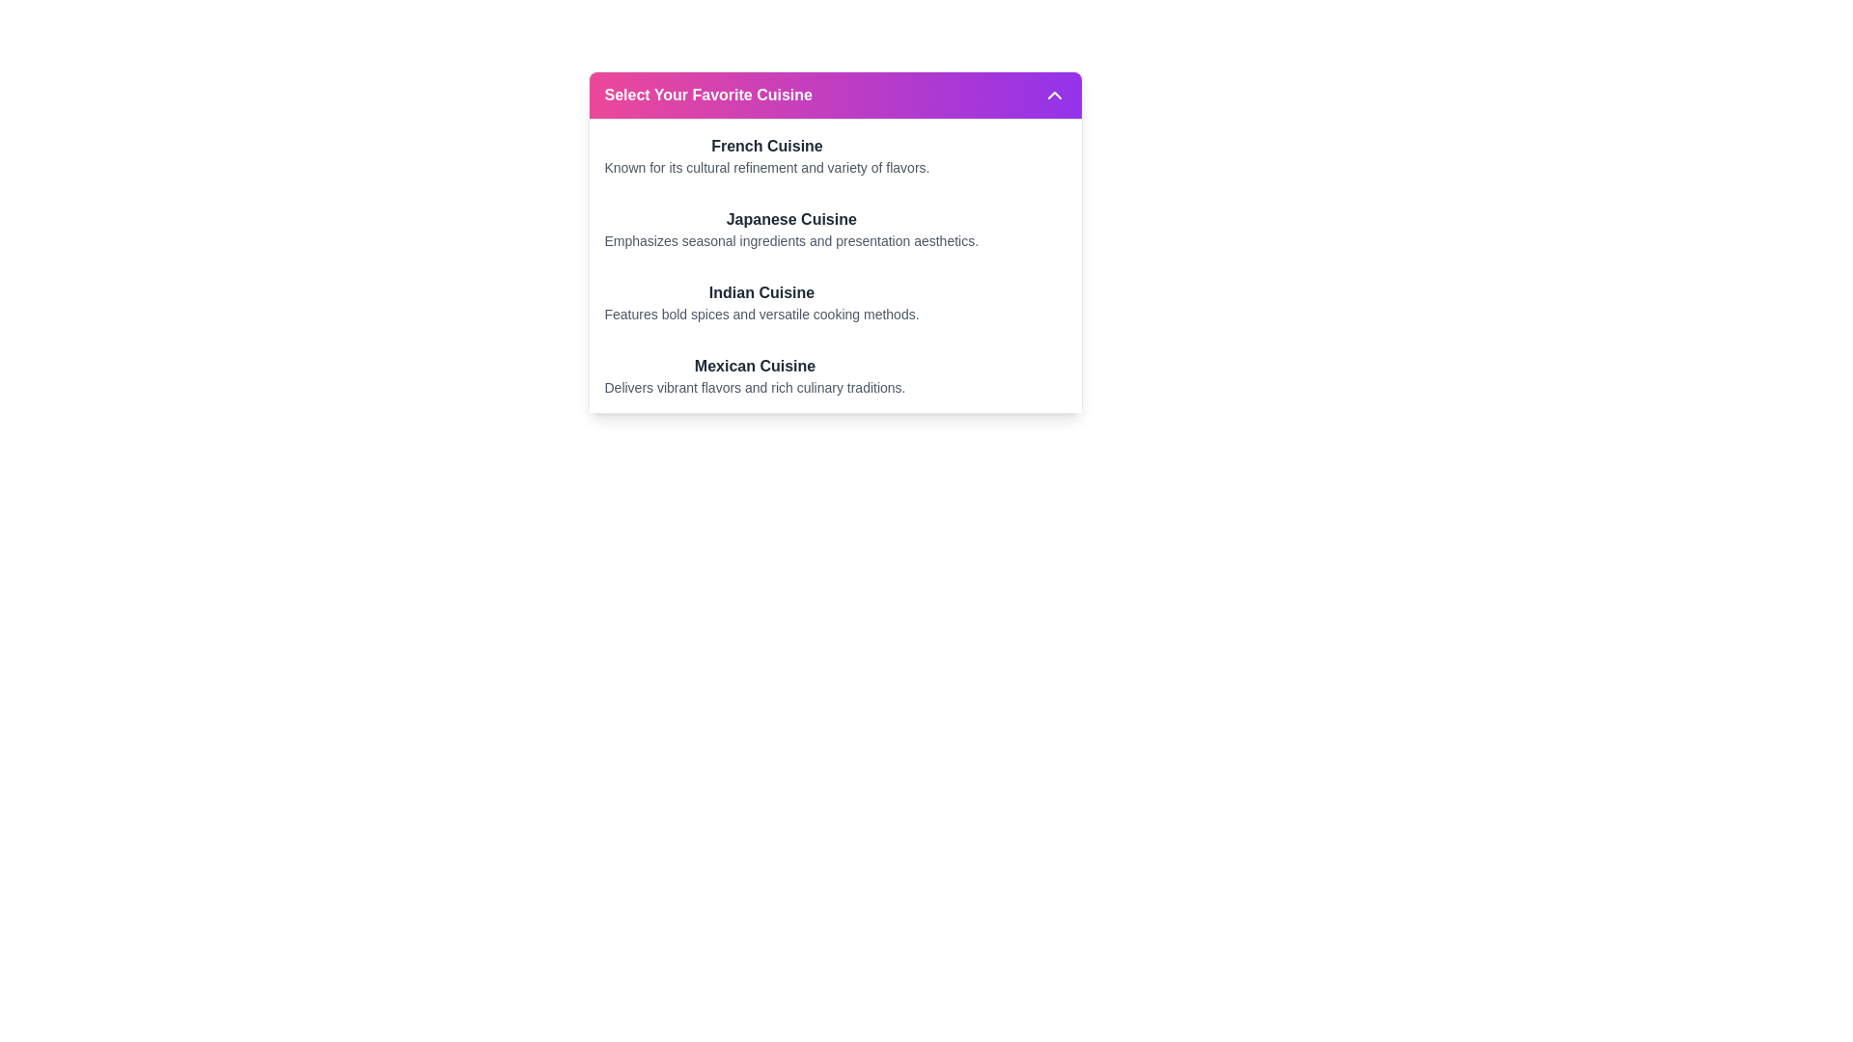 Image resolution: width=1853 pixels, height=1042 pixels. I want to click on the static text label providing information for the heading 'Japanese Cuisine', located below its associated heading and centered horizontally, so click(791, 240).